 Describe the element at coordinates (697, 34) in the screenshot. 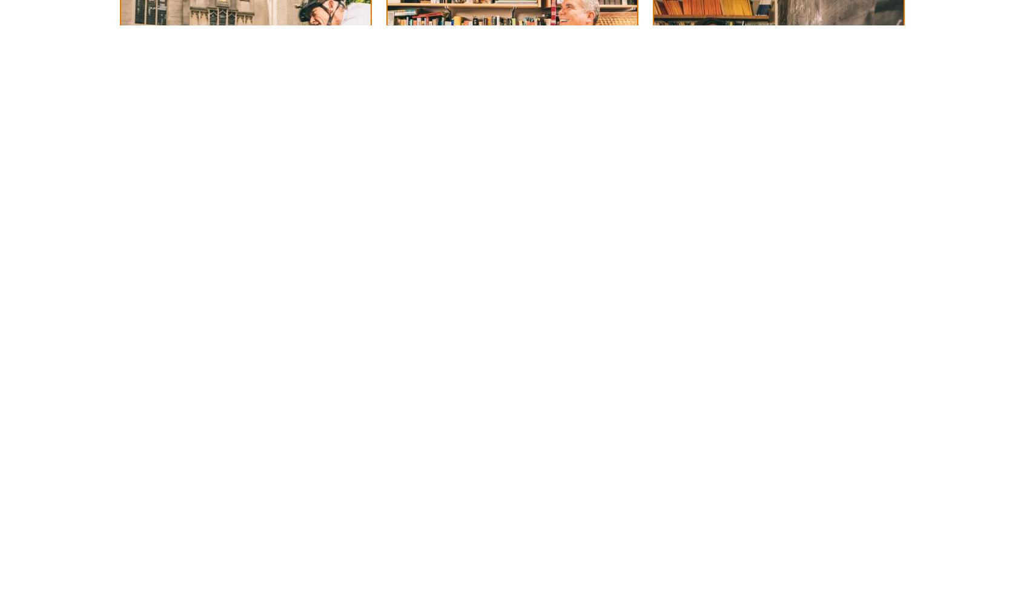

I see `'REQUEST INFO'` at that location.